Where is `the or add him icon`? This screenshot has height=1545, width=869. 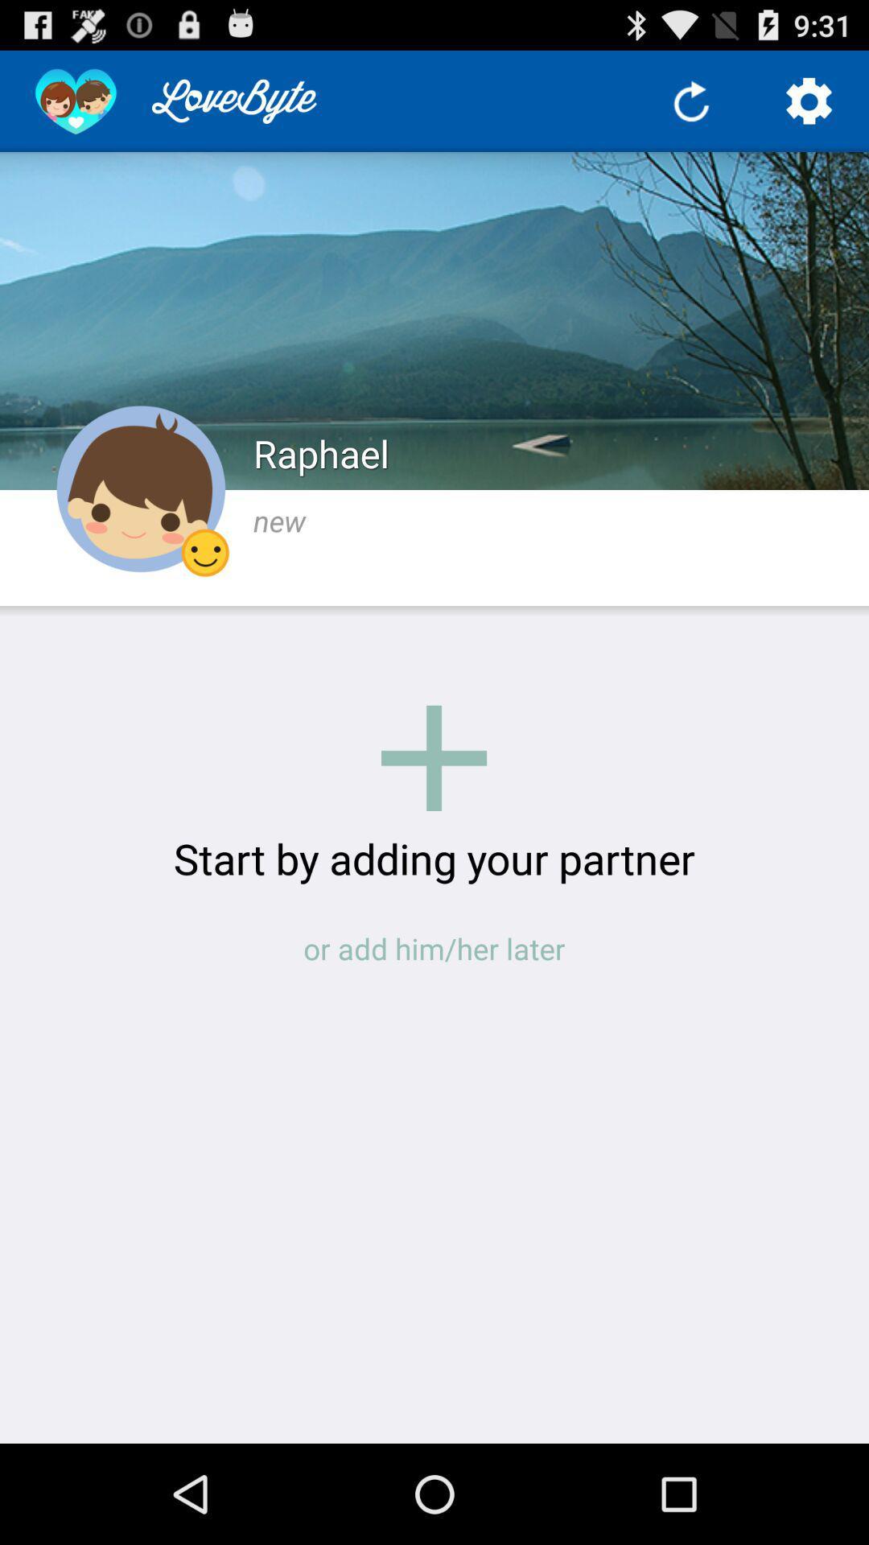
the or add him icon is located at coordinates (434, 949).